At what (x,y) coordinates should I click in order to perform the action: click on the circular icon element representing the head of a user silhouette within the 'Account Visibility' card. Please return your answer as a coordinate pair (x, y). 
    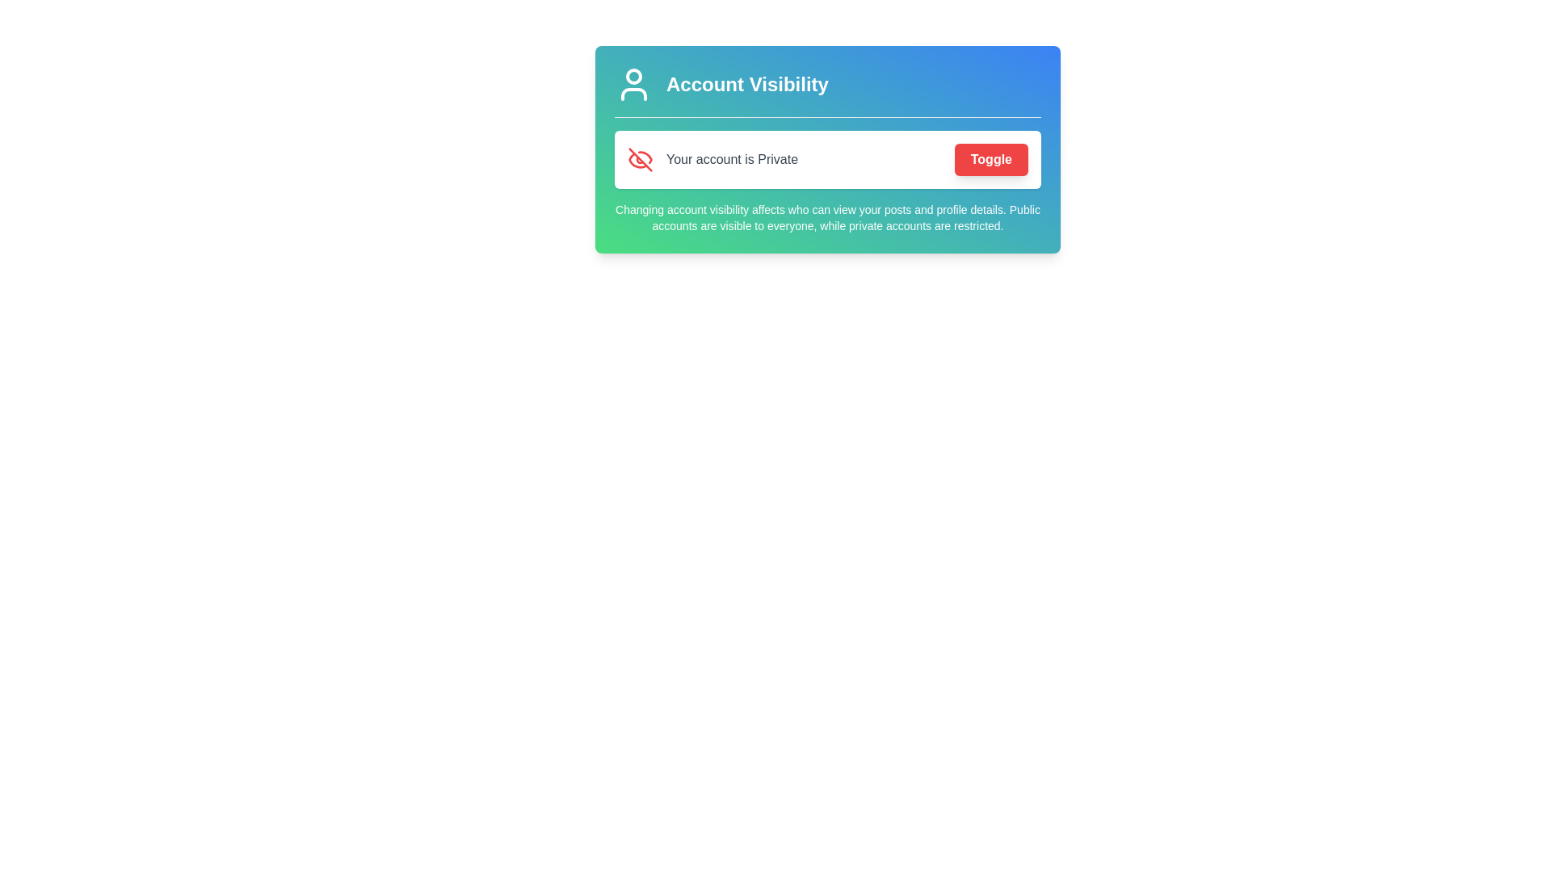
    Looking at the image, I should click on (633, 77).